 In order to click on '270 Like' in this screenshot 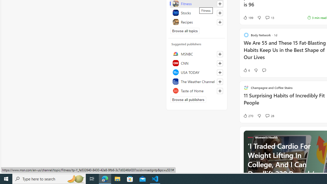, I will do `click(248, 116)`.